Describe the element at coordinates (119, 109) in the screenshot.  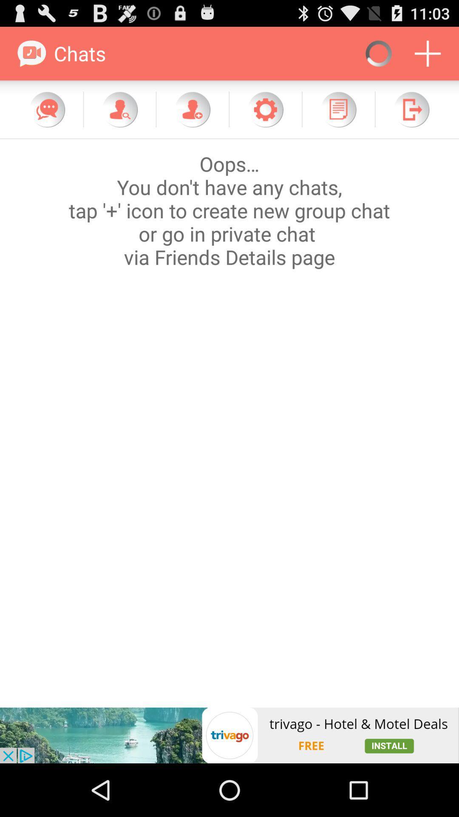
I see `search the number in the contact list` at that location.